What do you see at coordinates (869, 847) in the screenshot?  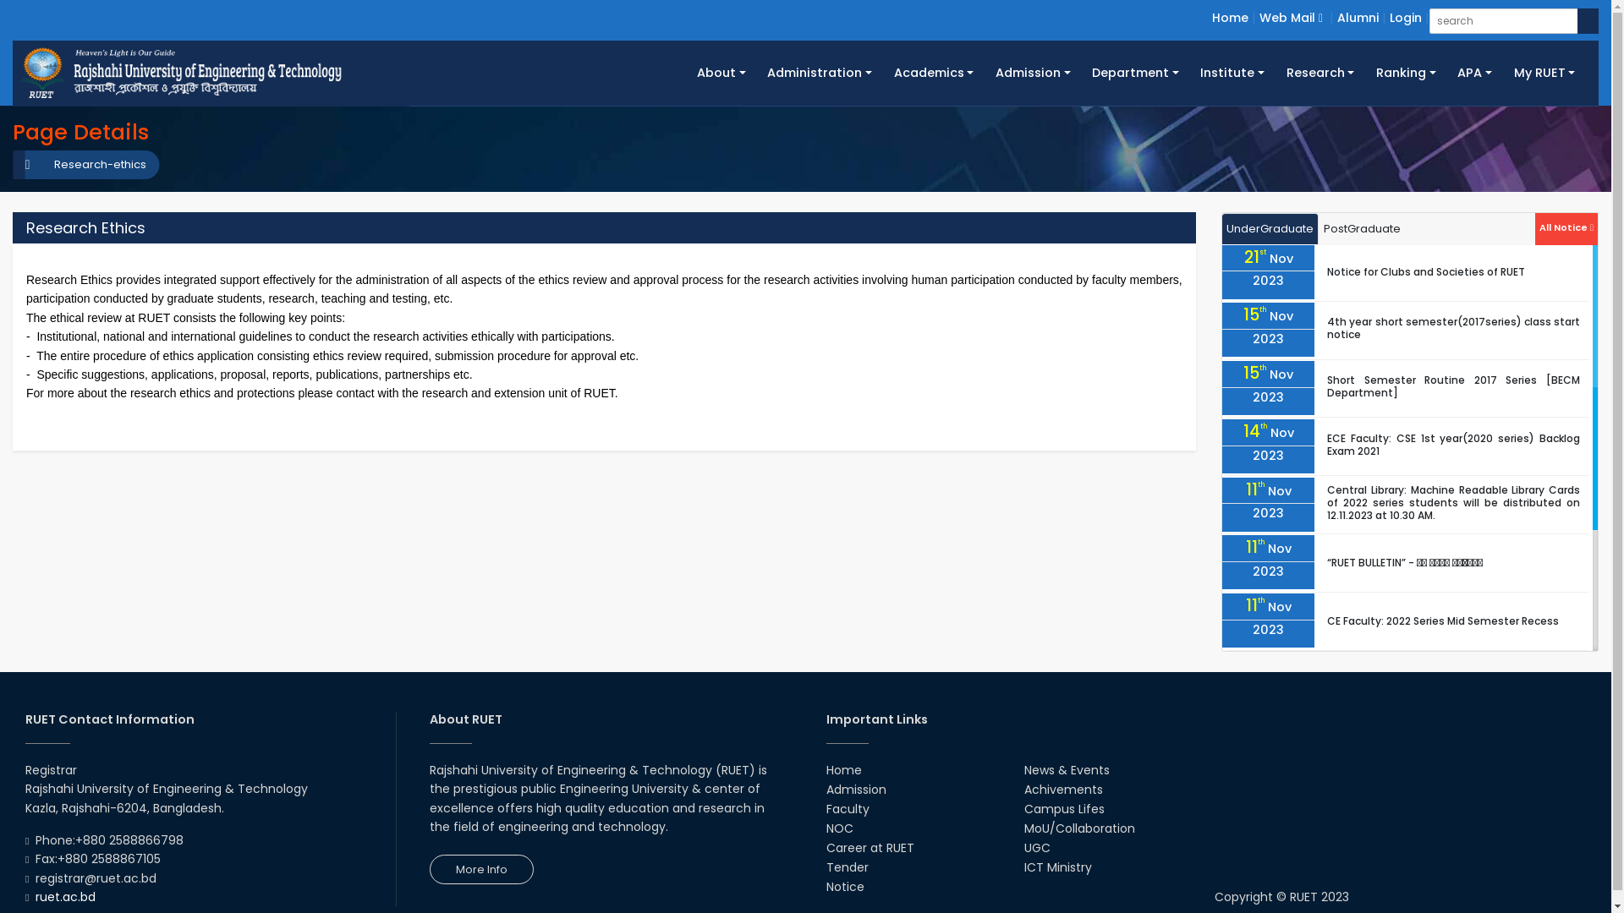 I see `'Career at RUET'` at bounding box center [869, 847].